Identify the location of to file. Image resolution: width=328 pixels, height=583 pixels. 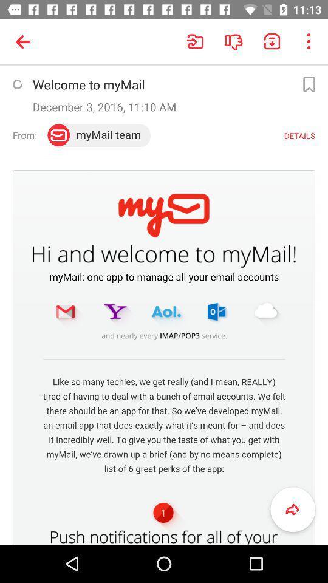
(309, 84).